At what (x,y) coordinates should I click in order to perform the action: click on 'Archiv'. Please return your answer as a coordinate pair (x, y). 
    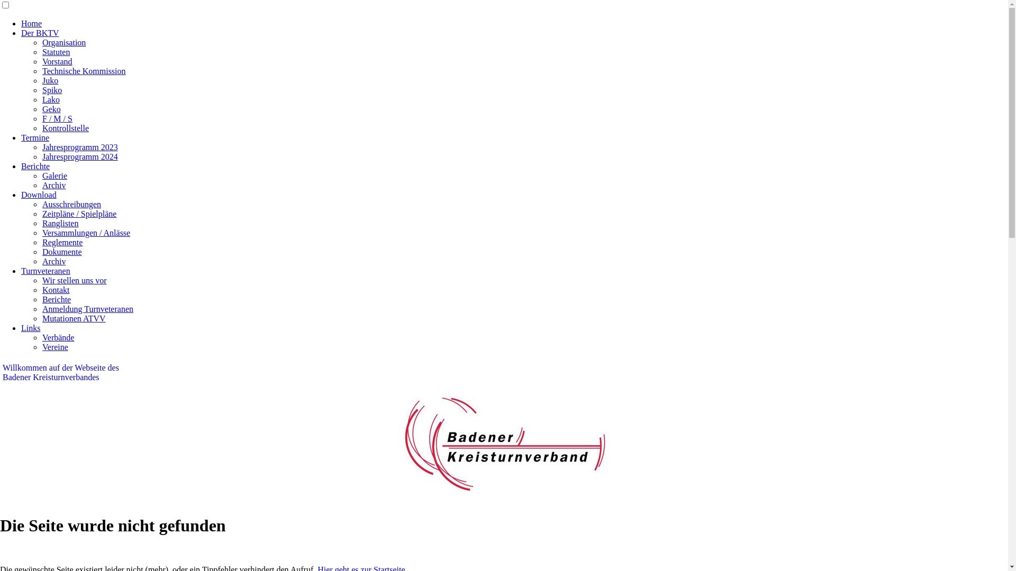
    Looking at the image, I should click on (42, 185).